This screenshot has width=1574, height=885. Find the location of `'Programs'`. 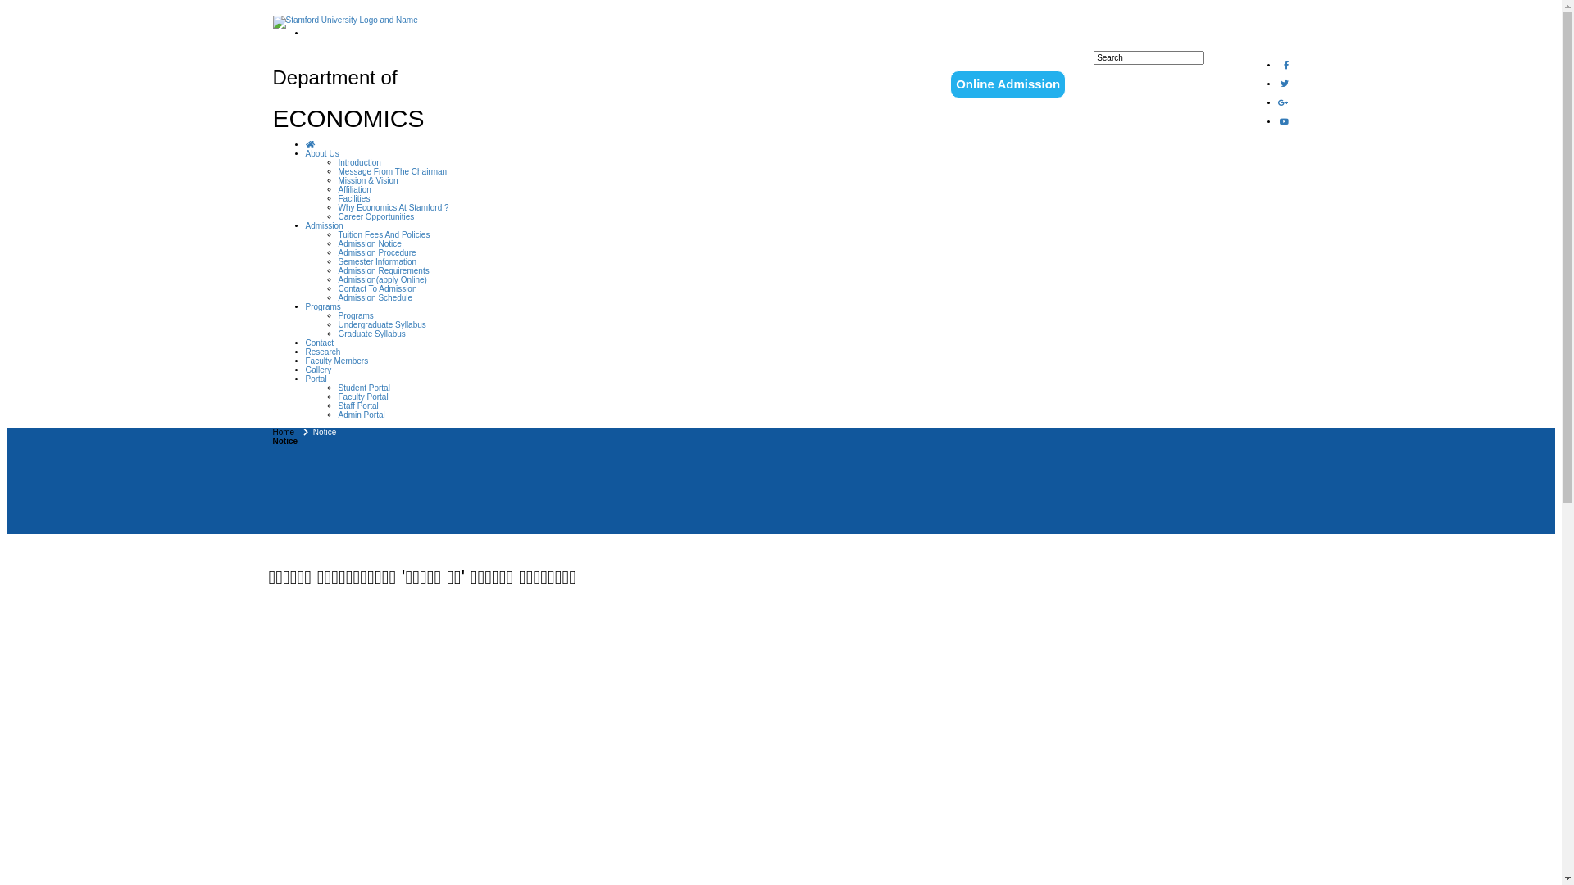

'Programs' is located at coordinates (354, 315).